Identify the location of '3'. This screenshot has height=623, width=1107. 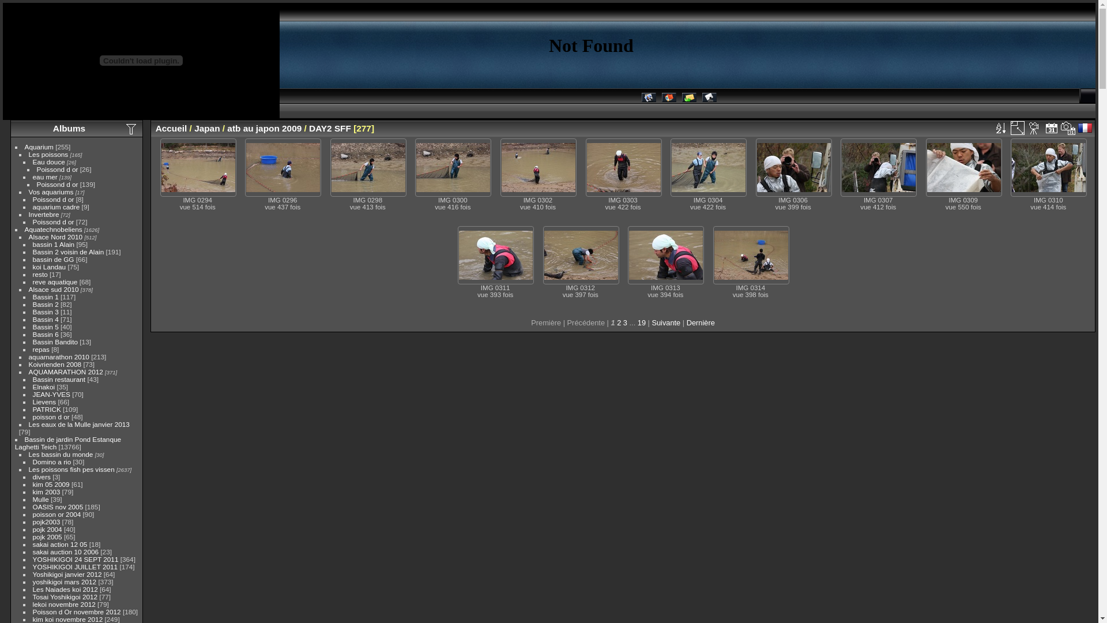
(624, 322).